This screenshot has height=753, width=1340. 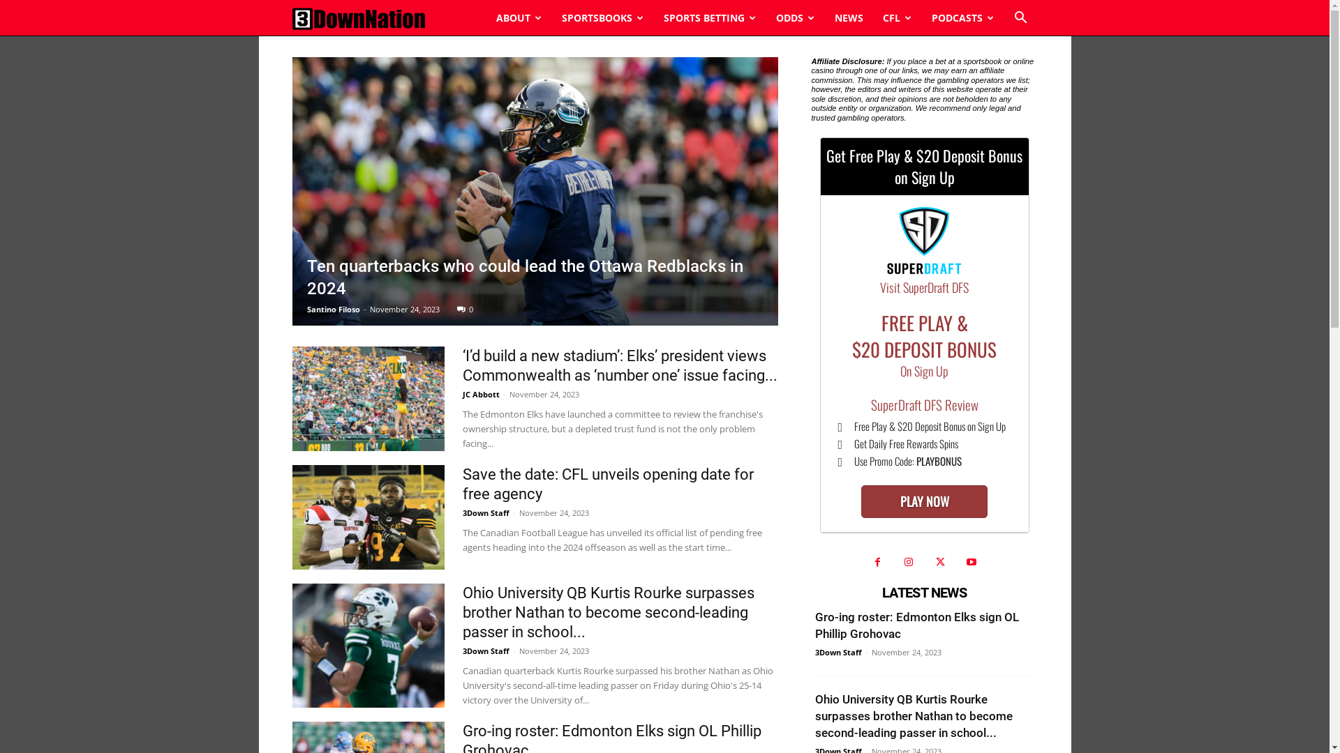 I want to click on 'Visit SuperDraft DFS', so click(x=924, y=287).